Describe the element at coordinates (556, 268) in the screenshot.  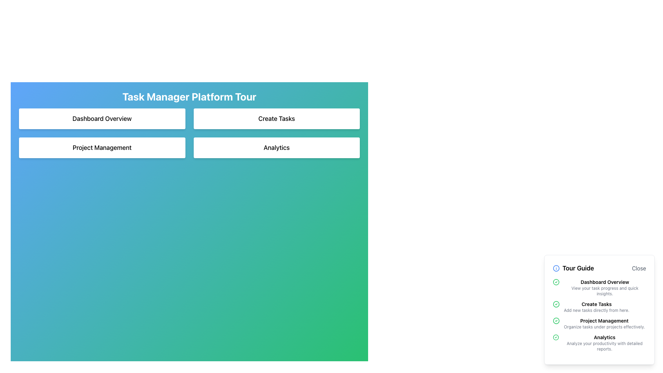
I see `the circular graphical shape that serves as a decorative part of the 'Tour Guide' section, positioned to the left of the 'Tour Guide' title` at that location.